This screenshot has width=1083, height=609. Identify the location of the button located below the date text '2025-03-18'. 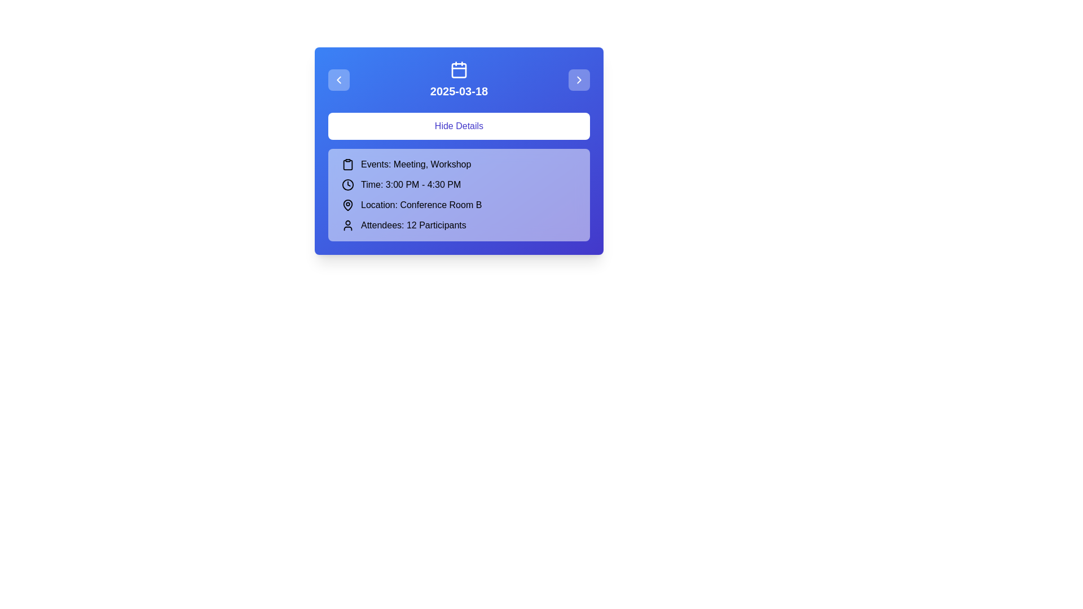
(459, 126).